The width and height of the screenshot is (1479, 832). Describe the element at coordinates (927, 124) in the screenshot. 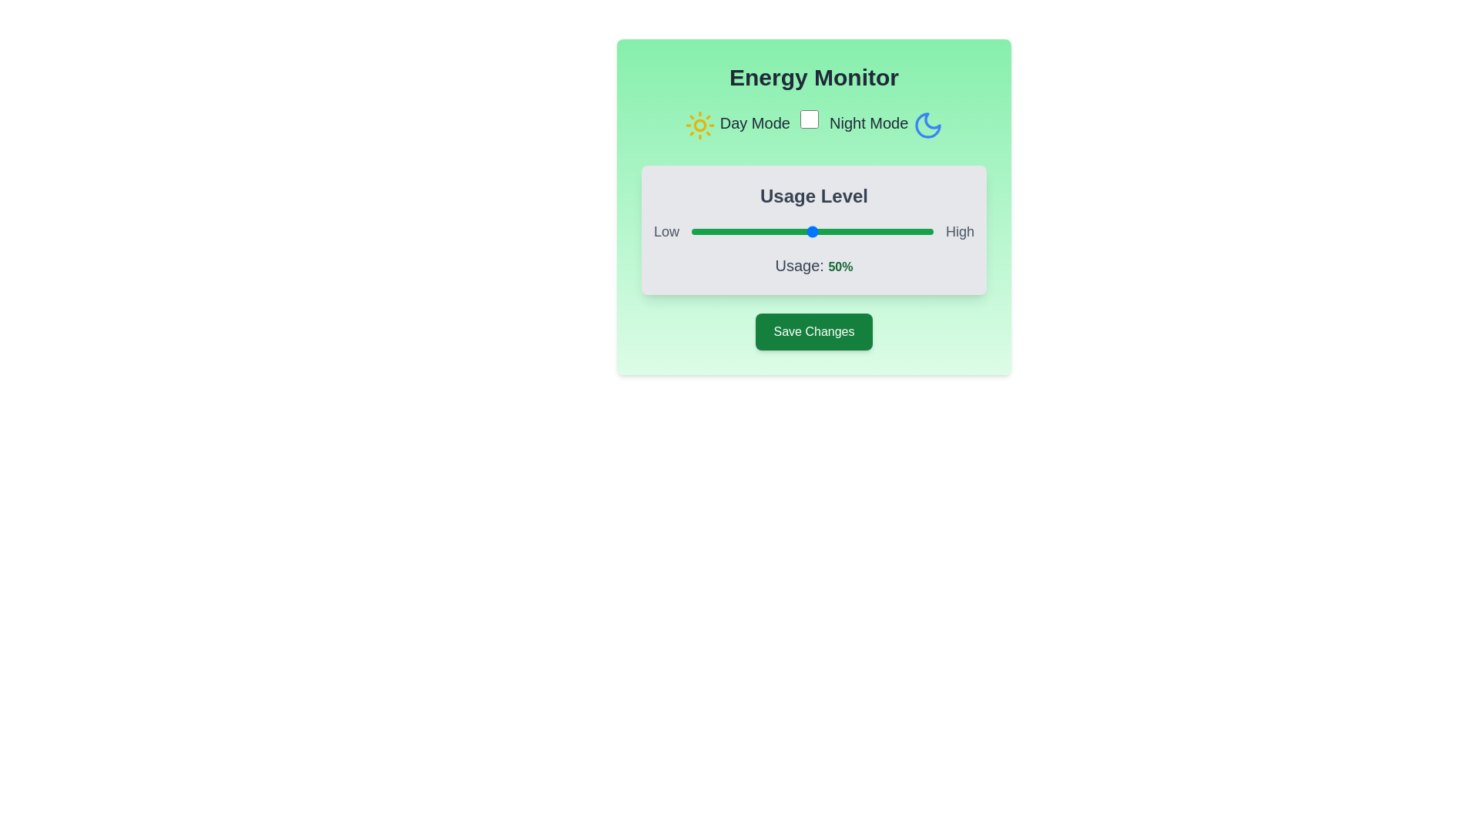

I see `the blue crescent moon icon representing night mode, located to the right of the 'Night Mode' text` at that location.